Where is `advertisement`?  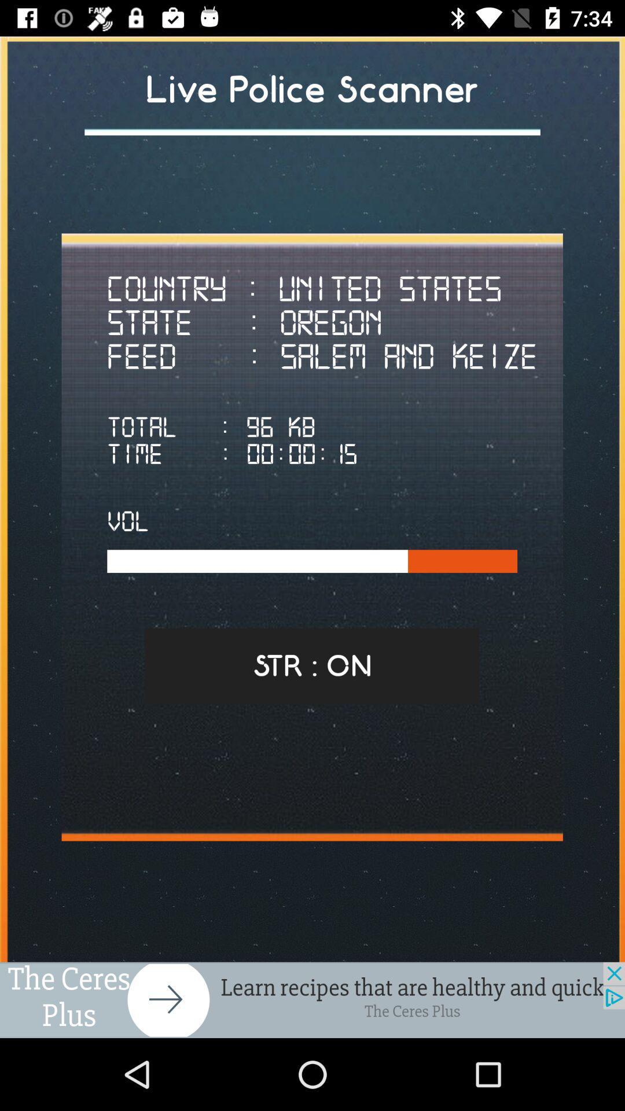
advertisement is located at coordinates (312, 999).